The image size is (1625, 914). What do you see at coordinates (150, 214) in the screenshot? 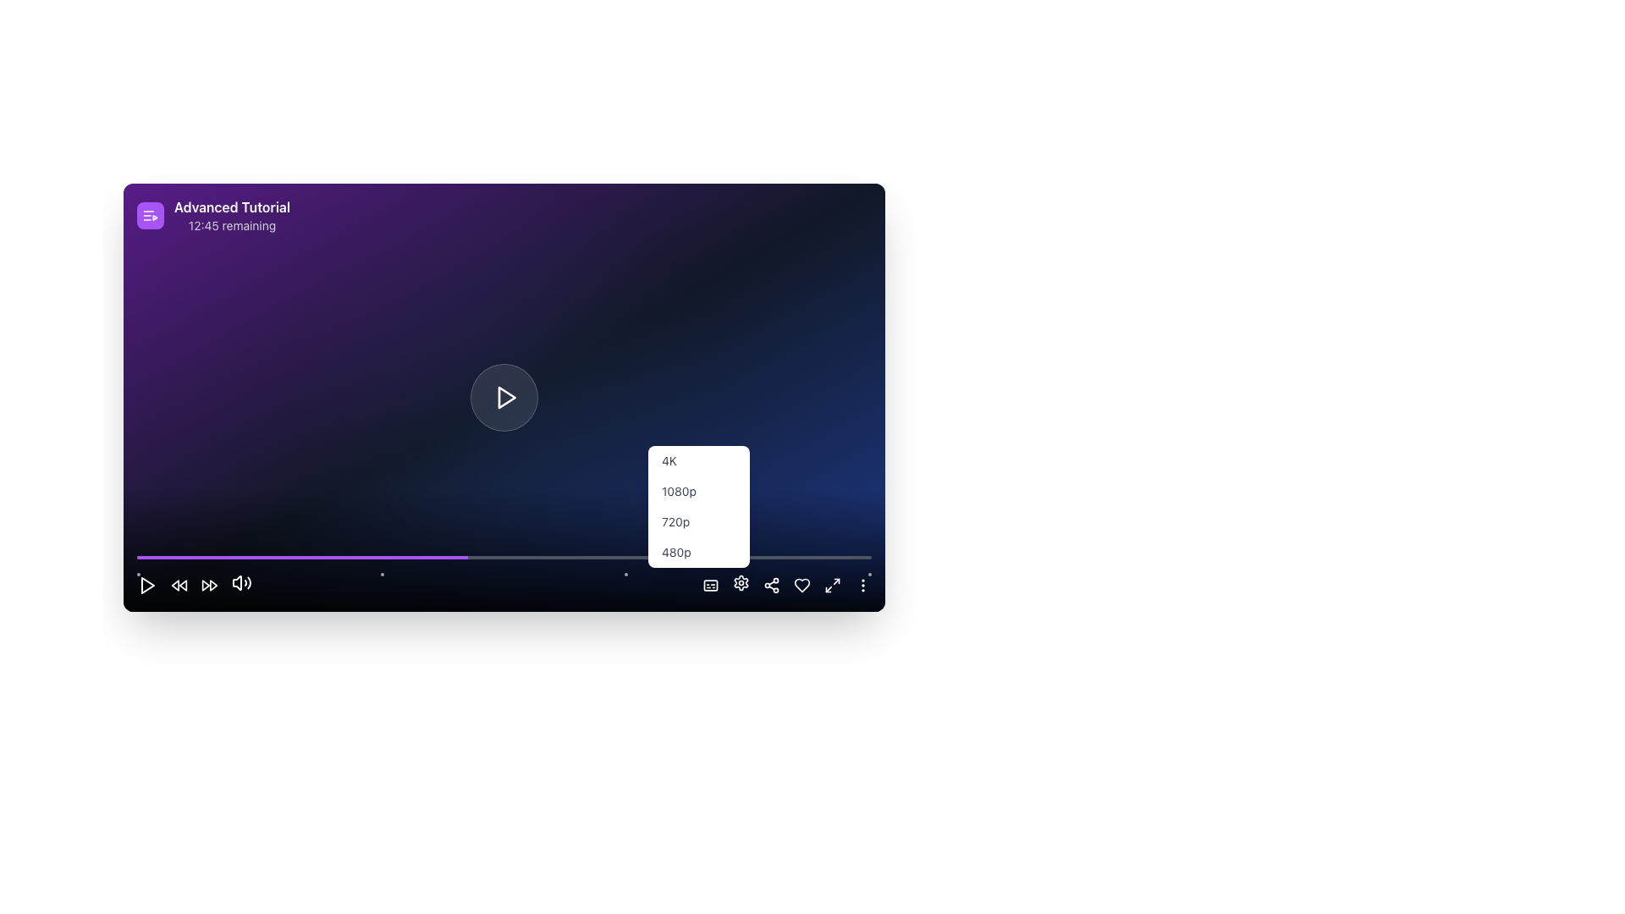
I see `the video playlist icon button located at the top-left corner of the interface` at bounding box center [150, 214].